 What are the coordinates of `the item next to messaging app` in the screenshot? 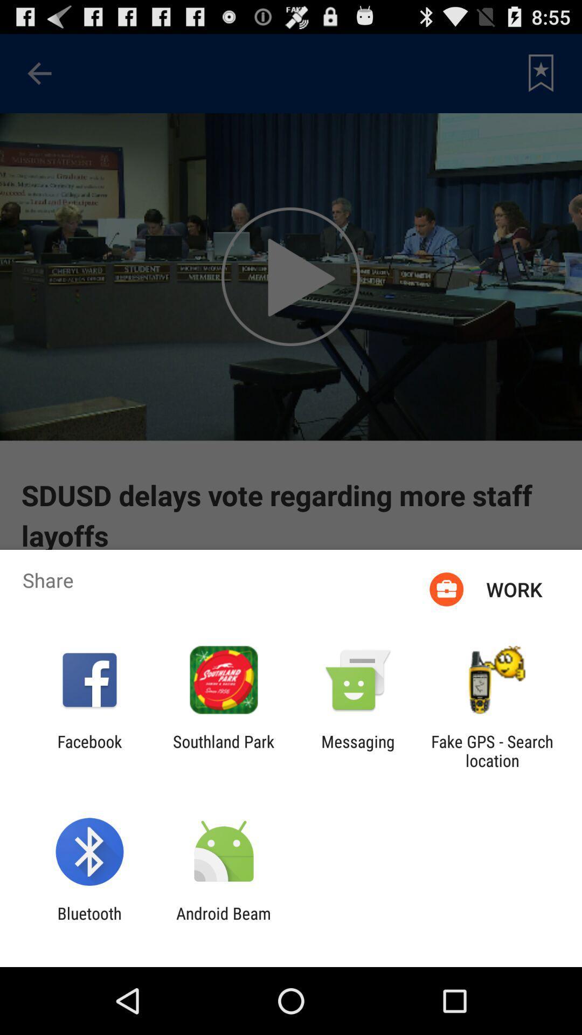 It's located at (223, 750).